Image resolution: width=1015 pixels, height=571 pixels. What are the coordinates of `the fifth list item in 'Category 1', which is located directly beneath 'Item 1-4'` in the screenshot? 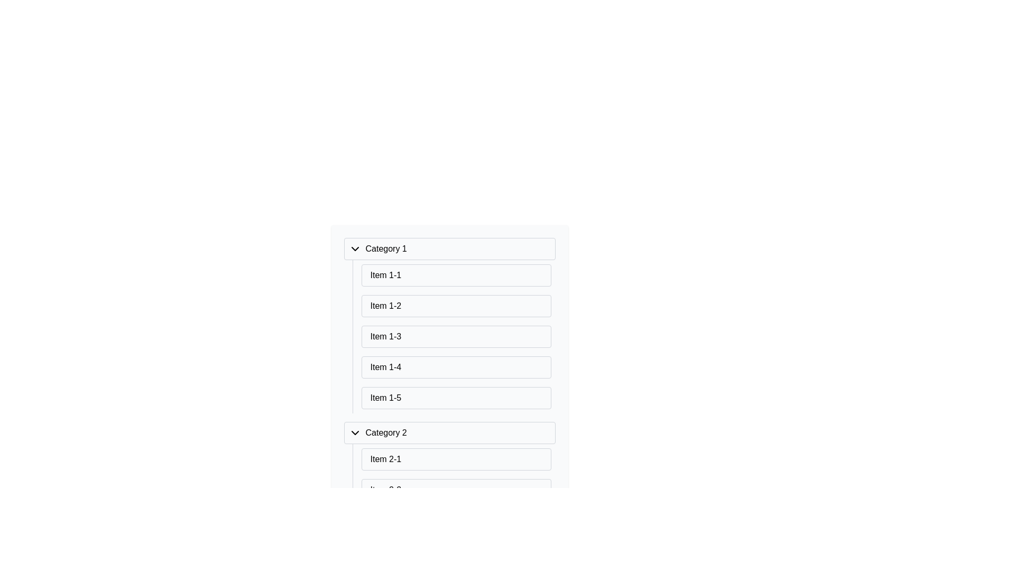 It's located at (456, 398).